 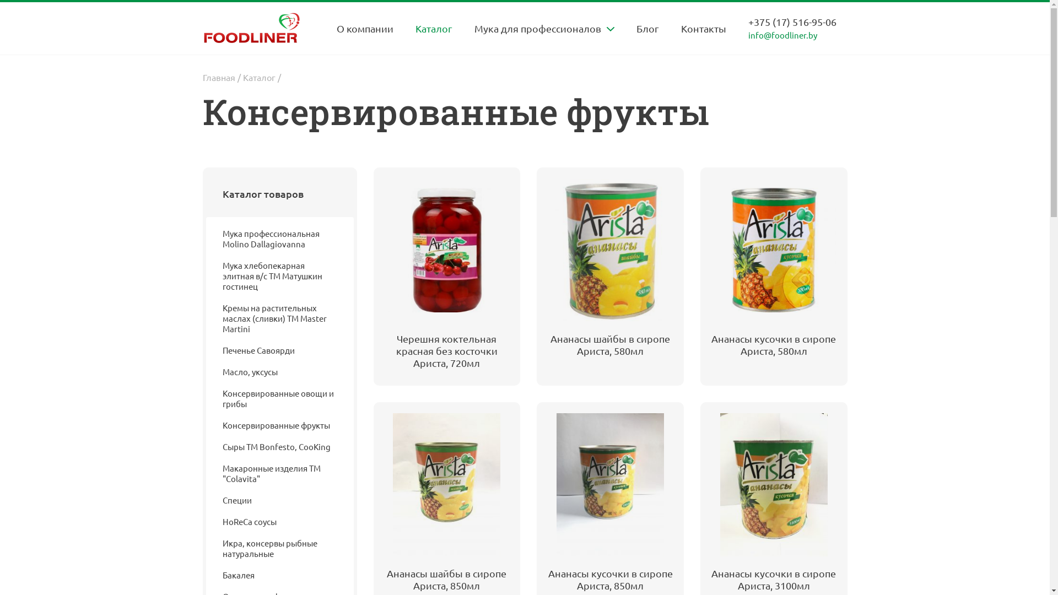 What do you see at coordinates (792, 35) in the screenshot?
I see `'info@foodliner.by'` at bounding box center [792, 35].